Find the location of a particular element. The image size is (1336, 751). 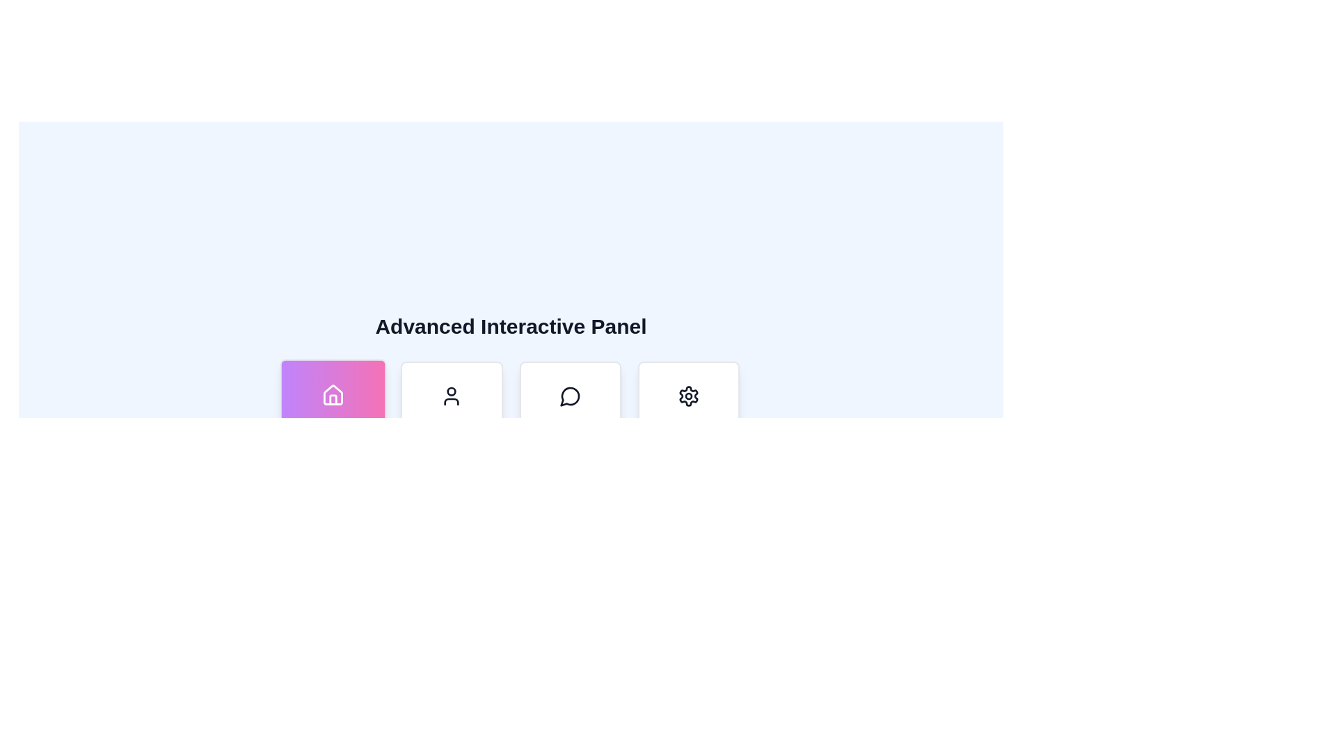

the 'Dashboard' button, which is a rectangular button with rounded corners, featuring a gradient background from purple to pink, an icon of a house in white outline, and the text 'Dashboard' in bold below the icon is located at coordinates (333, 410).